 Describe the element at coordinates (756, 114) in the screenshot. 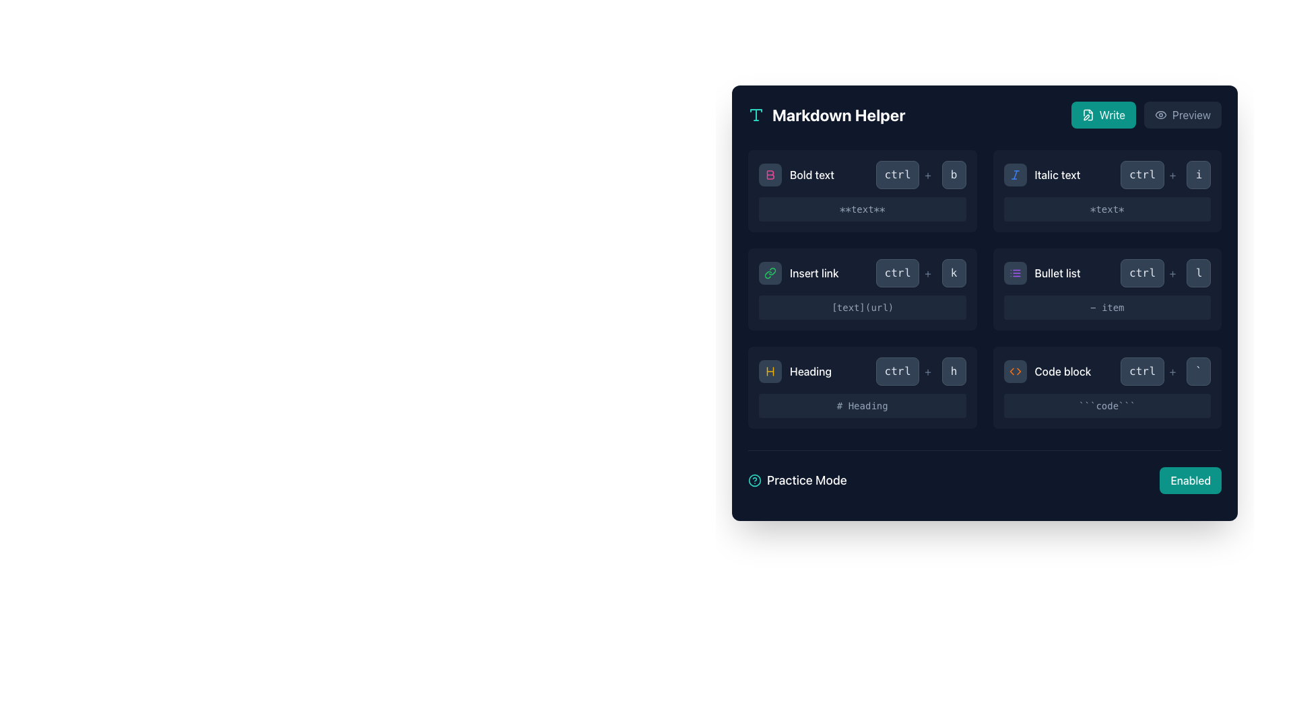

I see `the decorative icon representing the 'Markdown Helper' feature located in the top-left section of the 'Markdown Helper' card` at that location.